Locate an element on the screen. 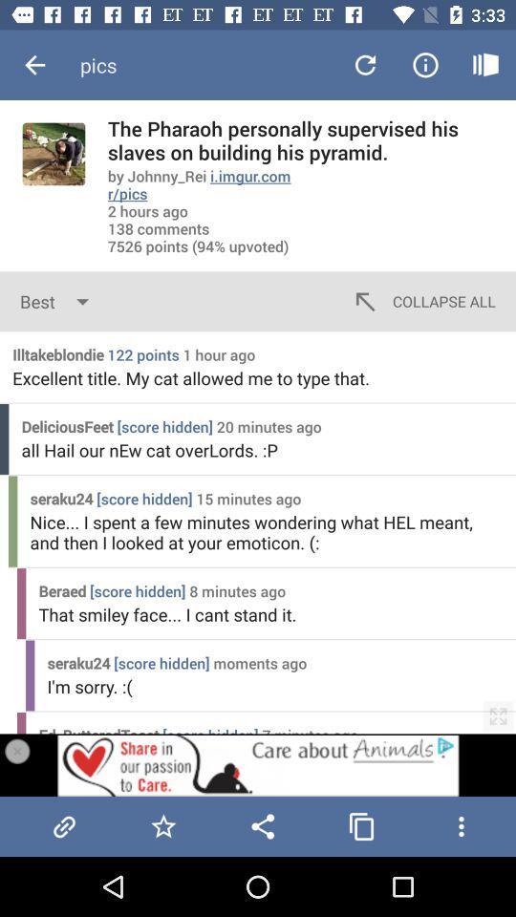 This screenshot has height=917, width=516. the attach_file icon is located at coordinates (64, 825).